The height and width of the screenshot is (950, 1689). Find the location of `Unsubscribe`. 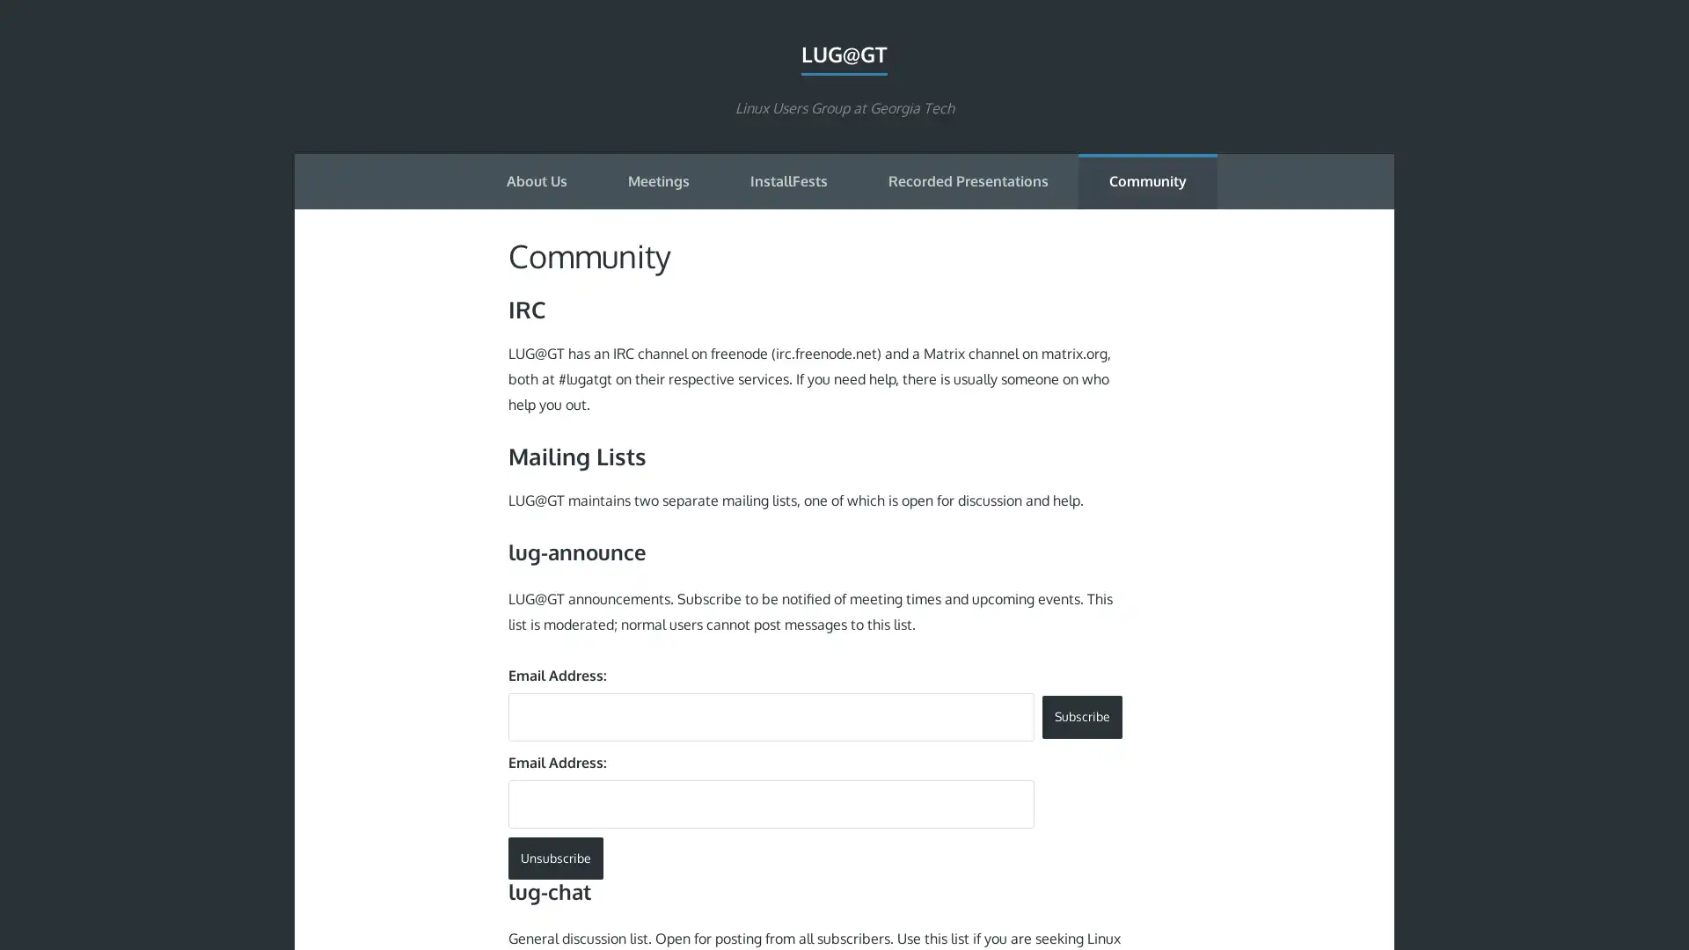

Unsubscribe is located at coordinates (555, 857).